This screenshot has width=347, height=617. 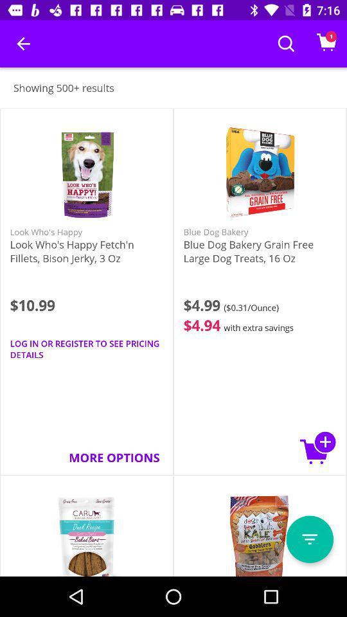 I want to click on the filter_list icon, so click(x=309, y=539).